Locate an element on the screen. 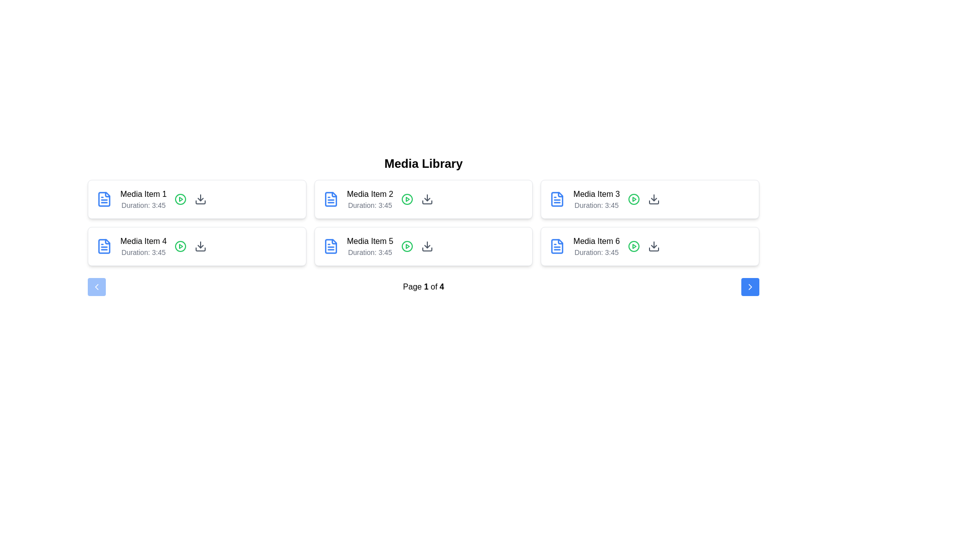 Image resolution: width=963 pixels, height=541 pixels. the text label displaying 'Duration: 3:45' located in the card for 'Media Item 2', which is centered below the main title is located at coordinates (369, 204).